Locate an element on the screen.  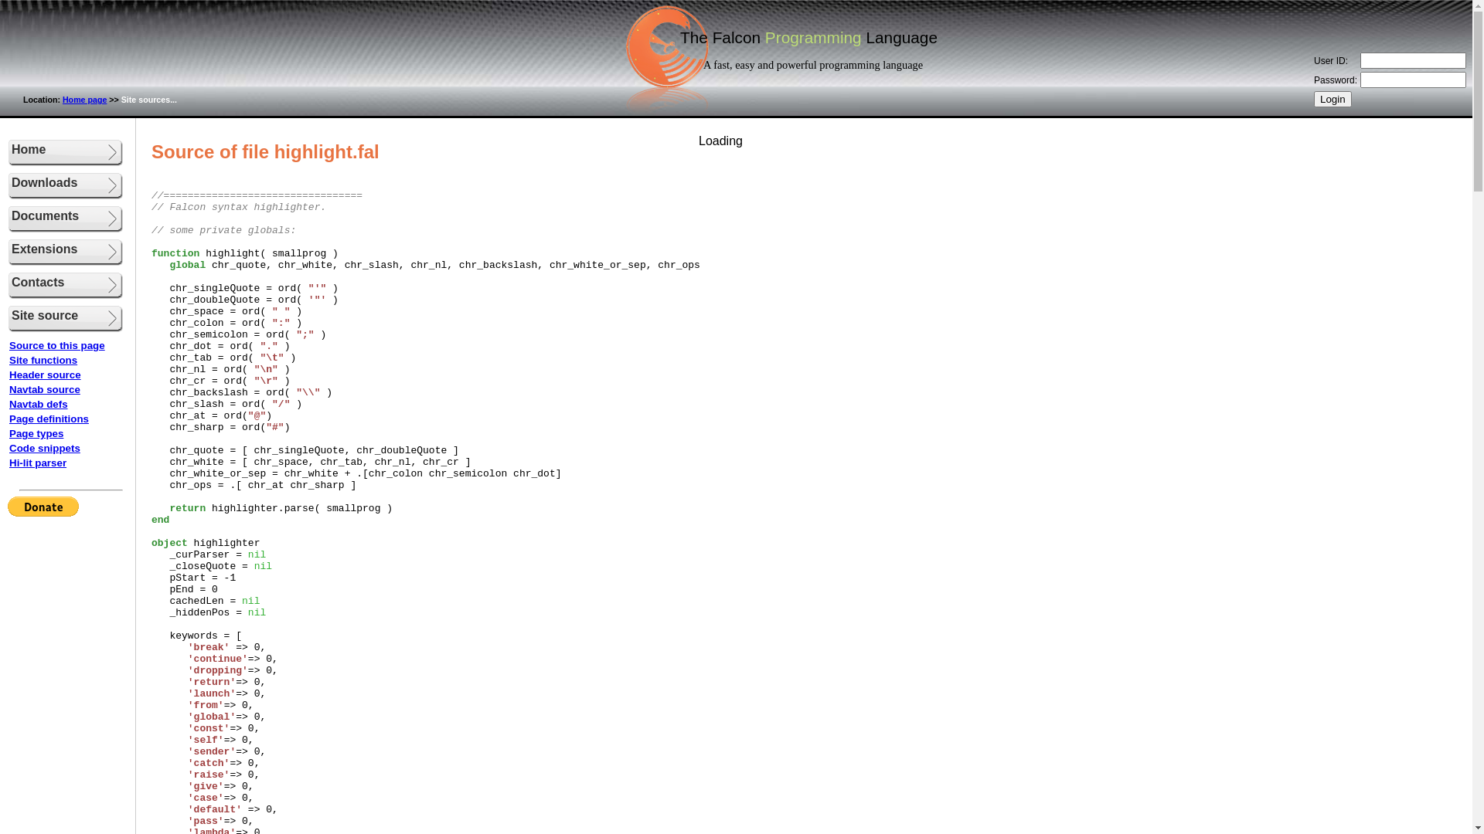
'Site functions' is located at coordinates (43, 360).